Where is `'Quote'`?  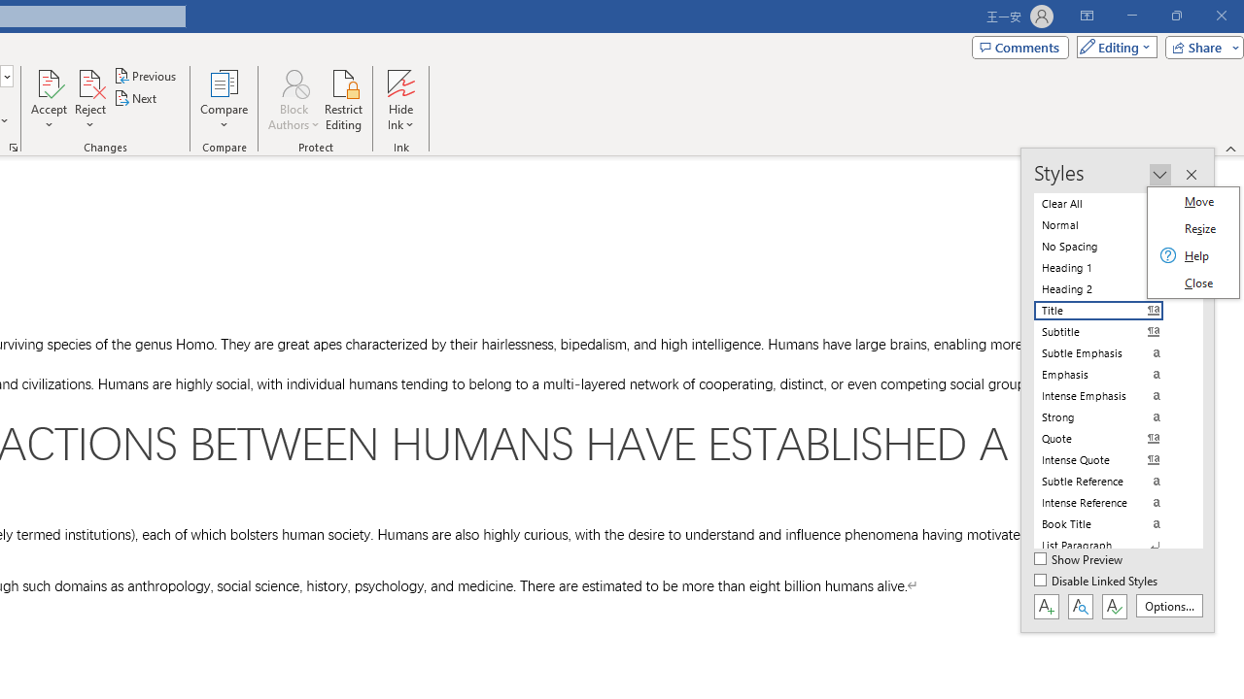 'Quote' is located at coordinates (1110, 438).